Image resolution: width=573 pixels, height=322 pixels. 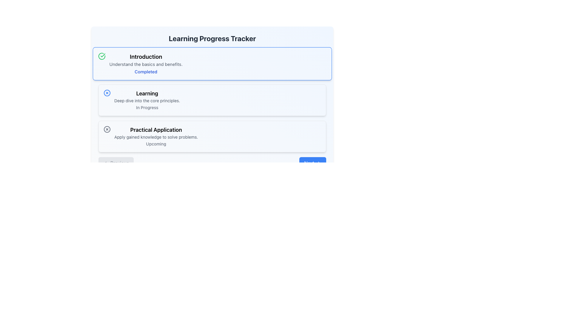 I want to click on the descriptive text label positioned between the title 'Learning' and the status 'In Progress', serving as supplementary information about the 'Learning' topic, so click(x=147, y=100).